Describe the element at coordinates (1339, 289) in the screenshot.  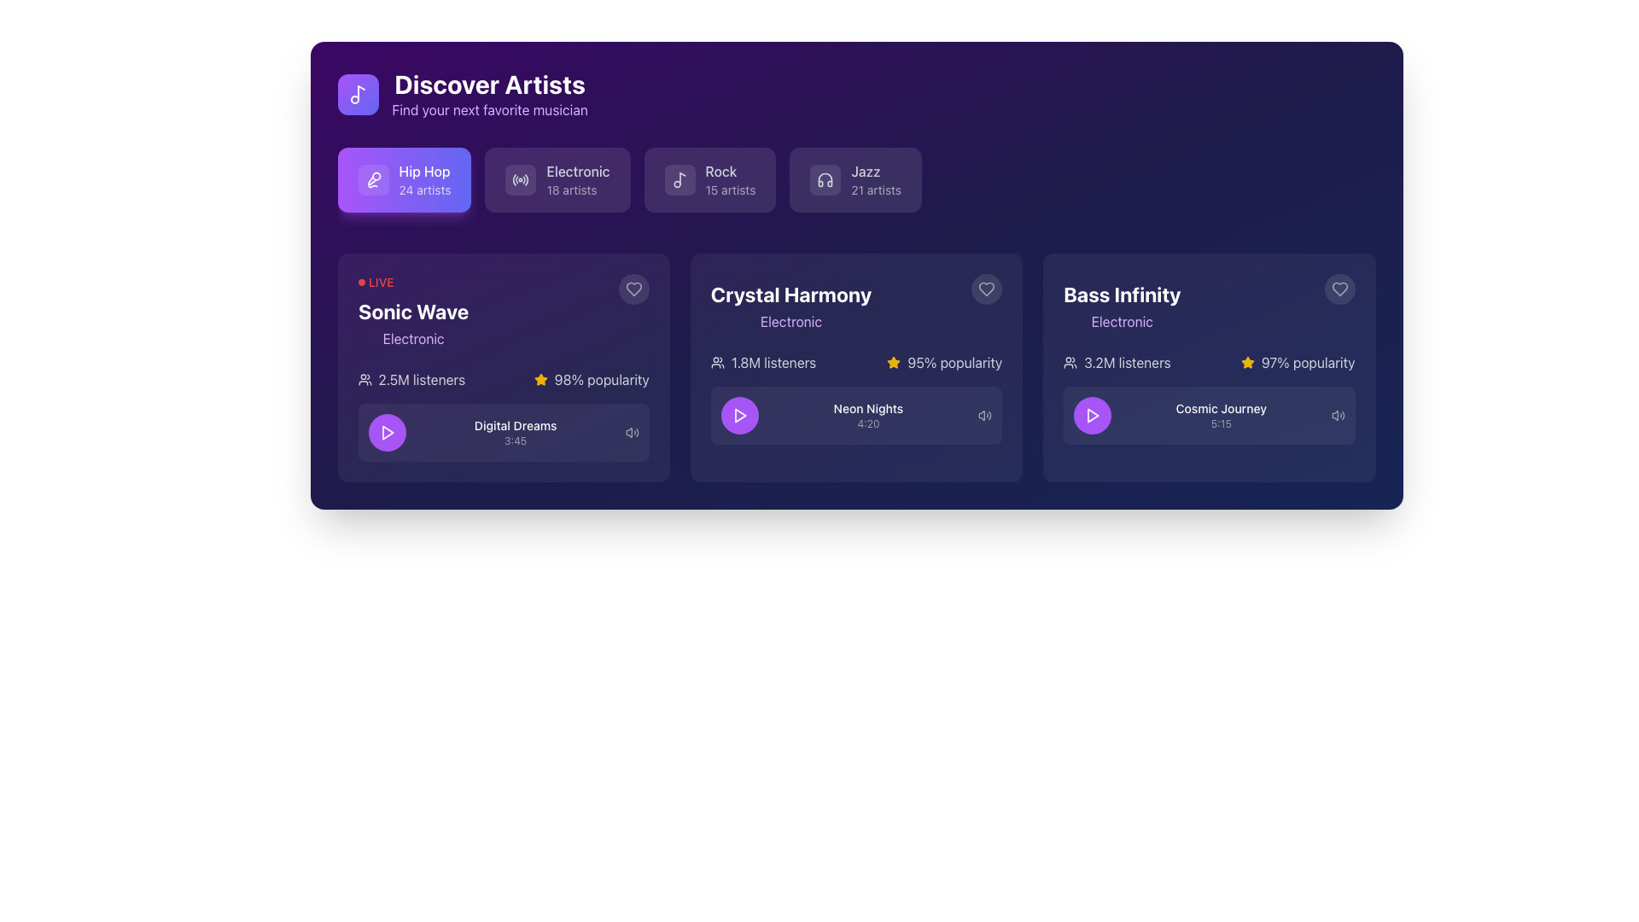
I see `the circular button with a faintly visible heart icon located at the top-right corner of the 'Bass Infinity' card` at that location.